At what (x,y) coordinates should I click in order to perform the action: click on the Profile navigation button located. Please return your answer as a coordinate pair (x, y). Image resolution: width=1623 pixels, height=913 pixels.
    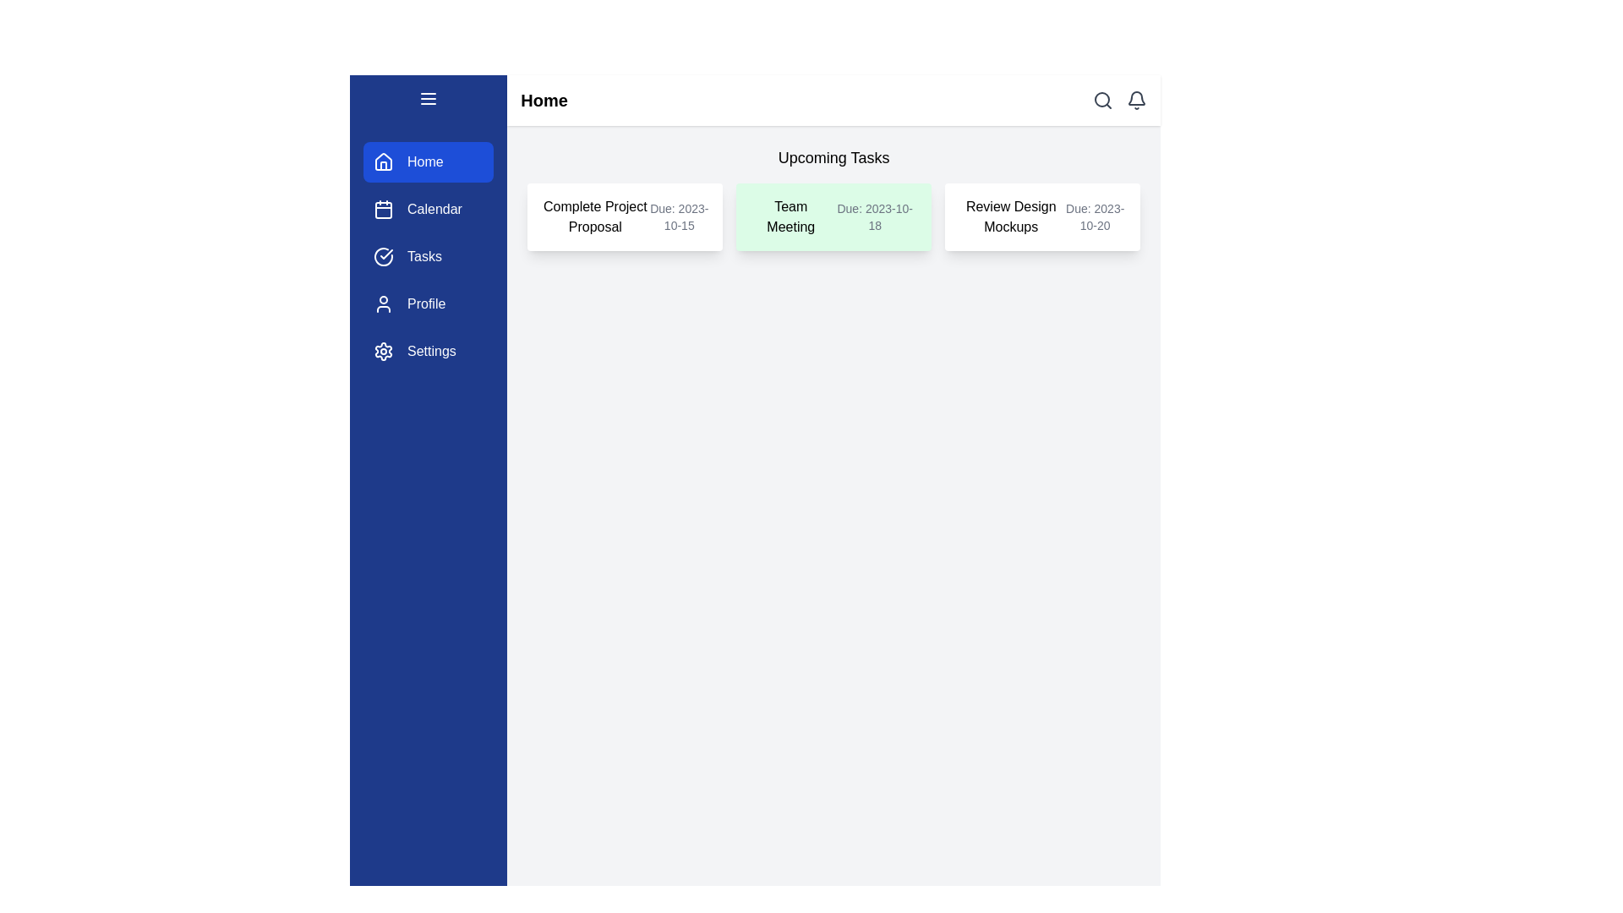
    Looking at the image, I should click on (429, 303).